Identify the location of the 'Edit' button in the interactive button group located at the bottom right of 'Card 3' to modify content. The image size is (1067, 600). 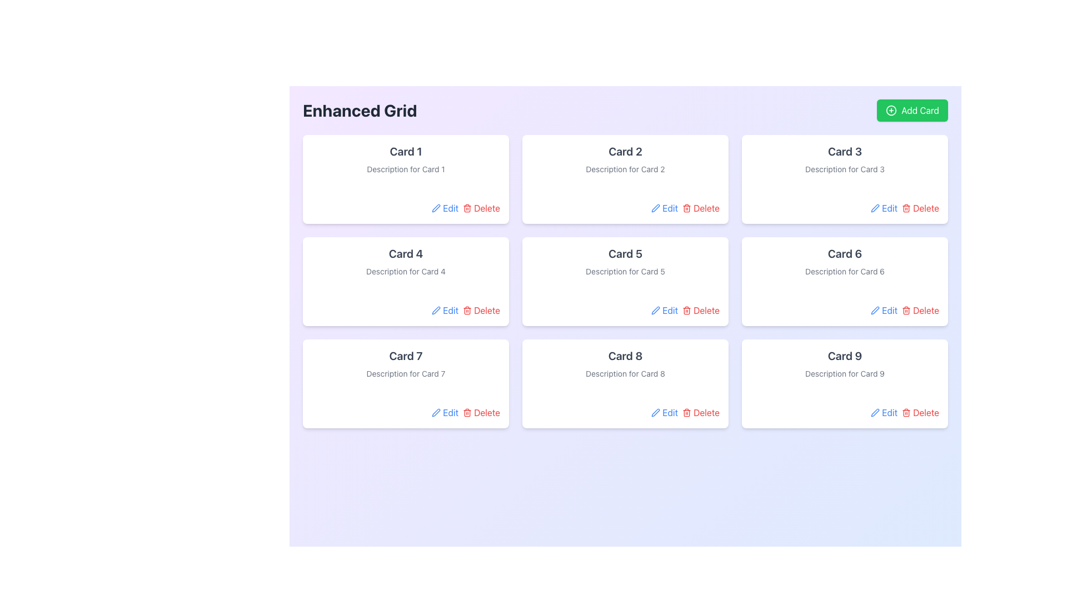
(845, 208).